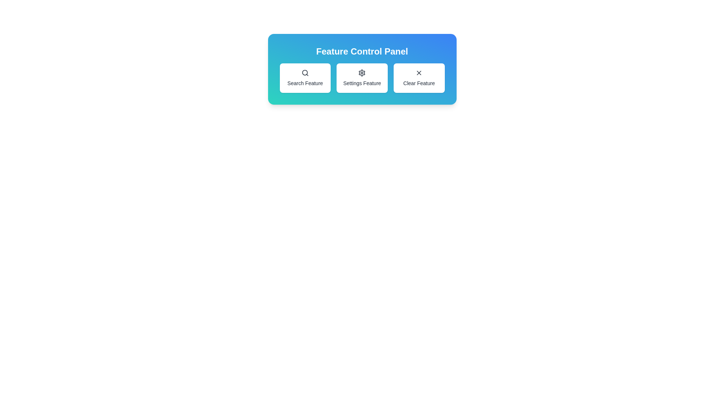 This screenshot has width=707, height=398. I want to click on the 'Clear Feature' button, which is a white box with rounded corners and an 'X' icon, so click(419, 78).